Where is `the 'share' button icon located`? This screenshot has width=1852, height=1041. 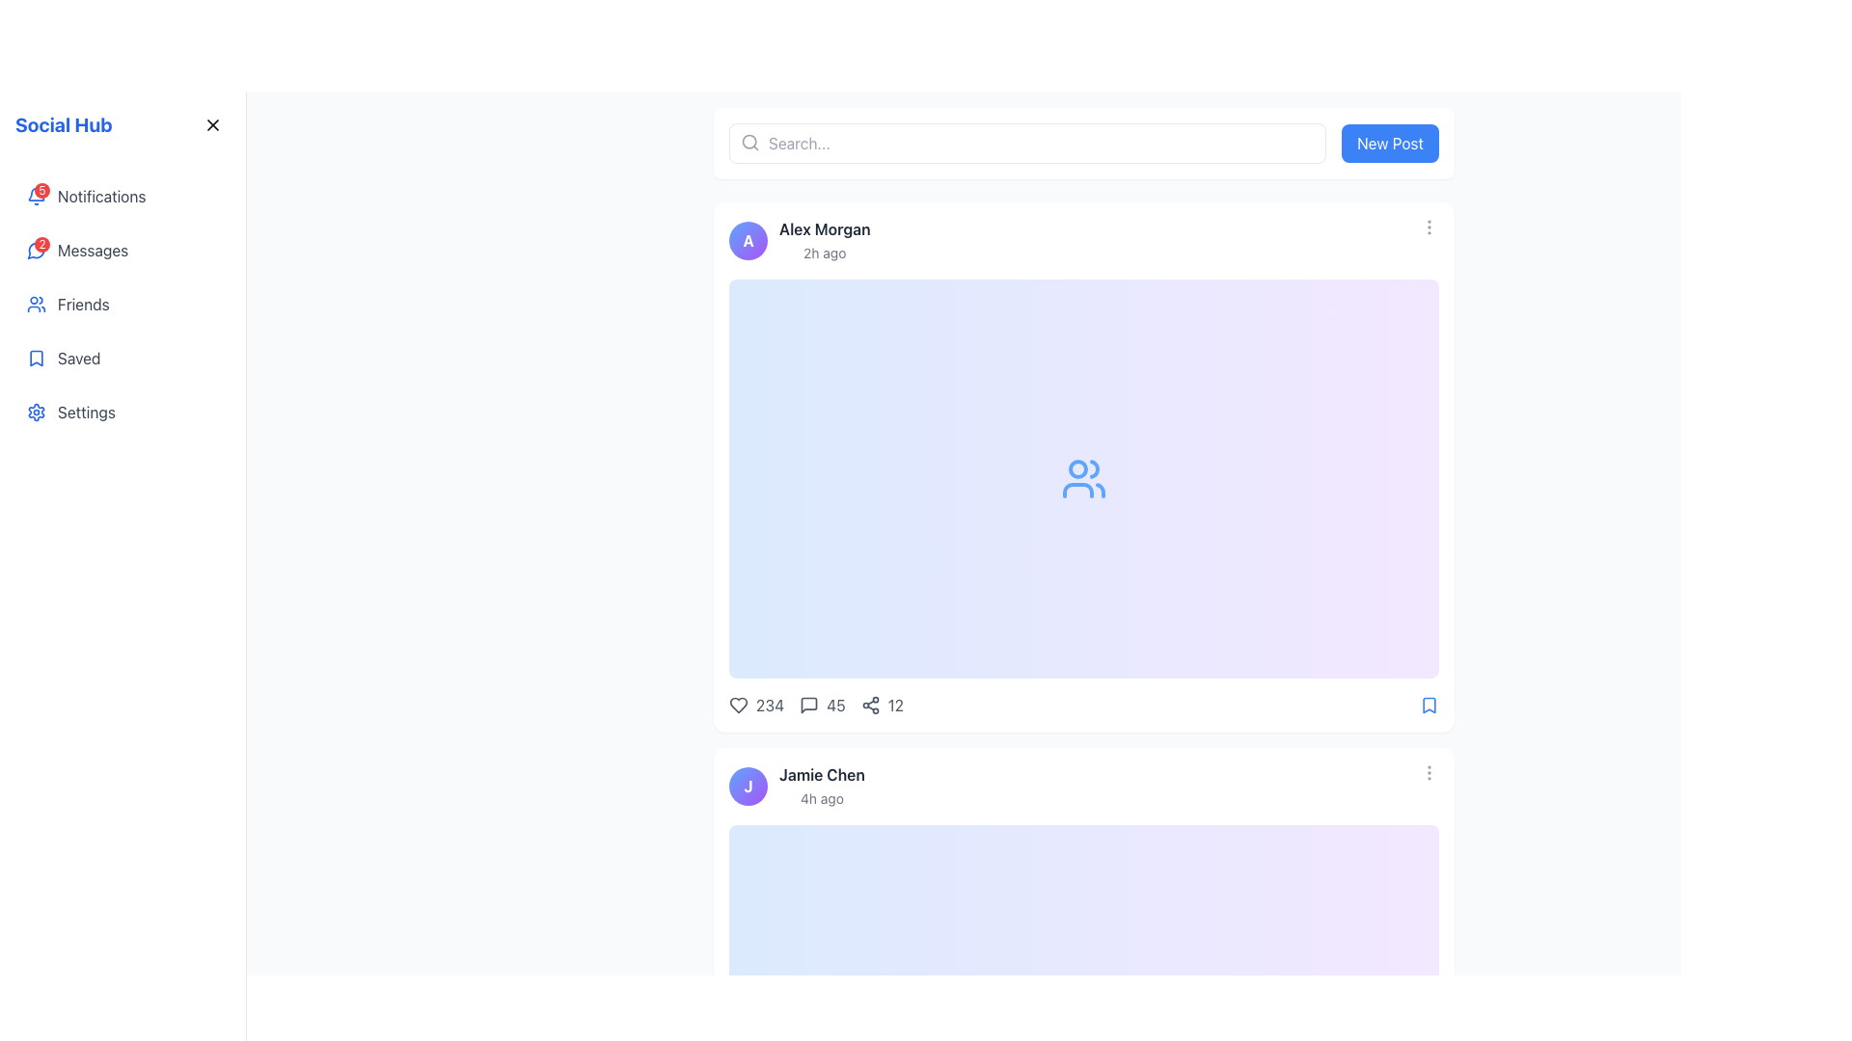 the 'share' button icon located is located at coordinates (869, 706).